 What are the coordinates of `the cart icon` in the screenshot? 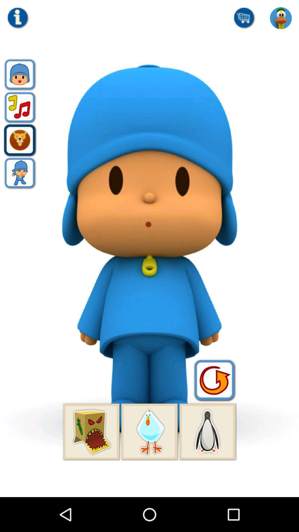 It's located at (244, 19).